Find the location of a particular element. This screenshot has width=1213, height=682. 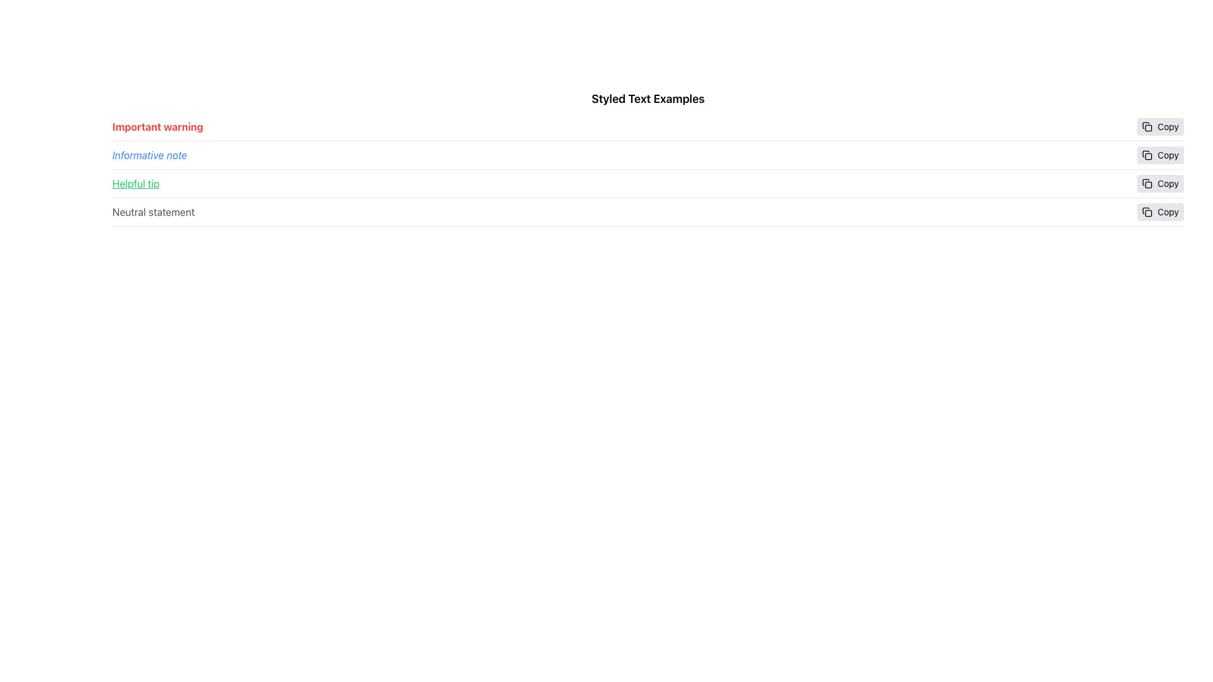

text from the section header labeled 'Styled Text Examples', which is displayed in bold and larger font at the top of the list of styled text examples is located at coordinates (648, 99).